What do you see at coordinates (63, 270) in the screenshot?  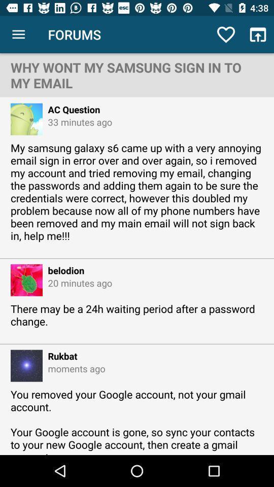 I see `belodion` at bounding box center [63, 270].